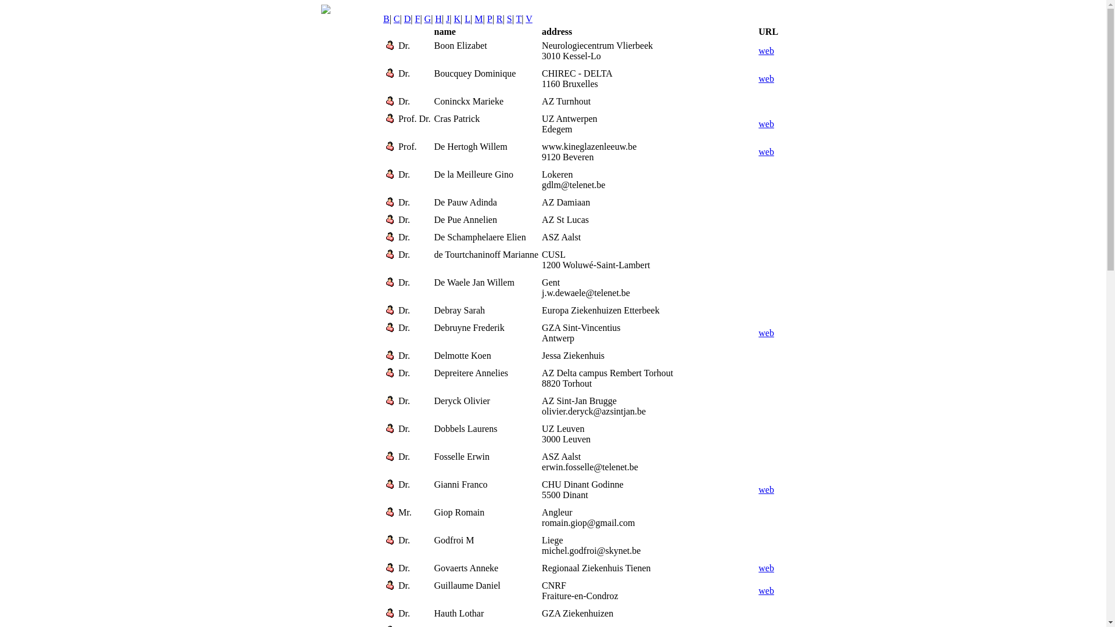  I want to click on 'C', so click(397, 19).